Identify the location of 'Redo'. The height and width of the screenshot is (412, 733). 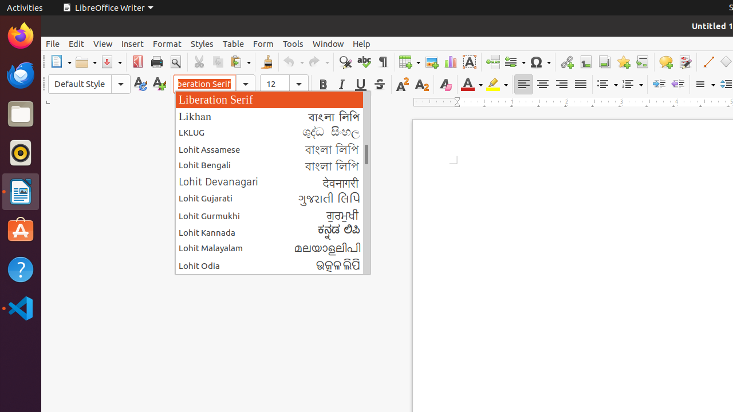
(318, 62).